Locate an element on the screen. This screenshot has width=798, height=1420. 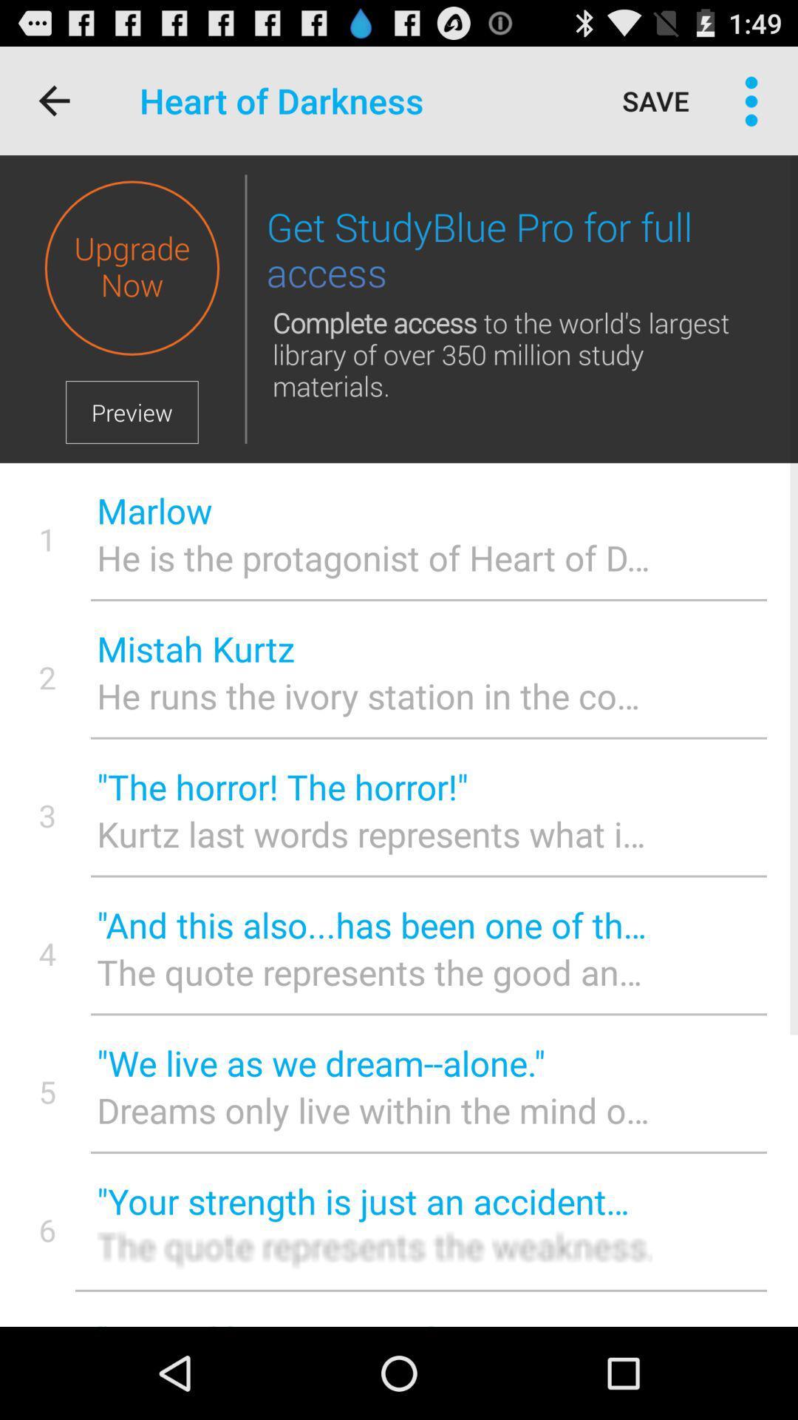
the icon to the left of the we live as item is located at coordinates (47, 1092).